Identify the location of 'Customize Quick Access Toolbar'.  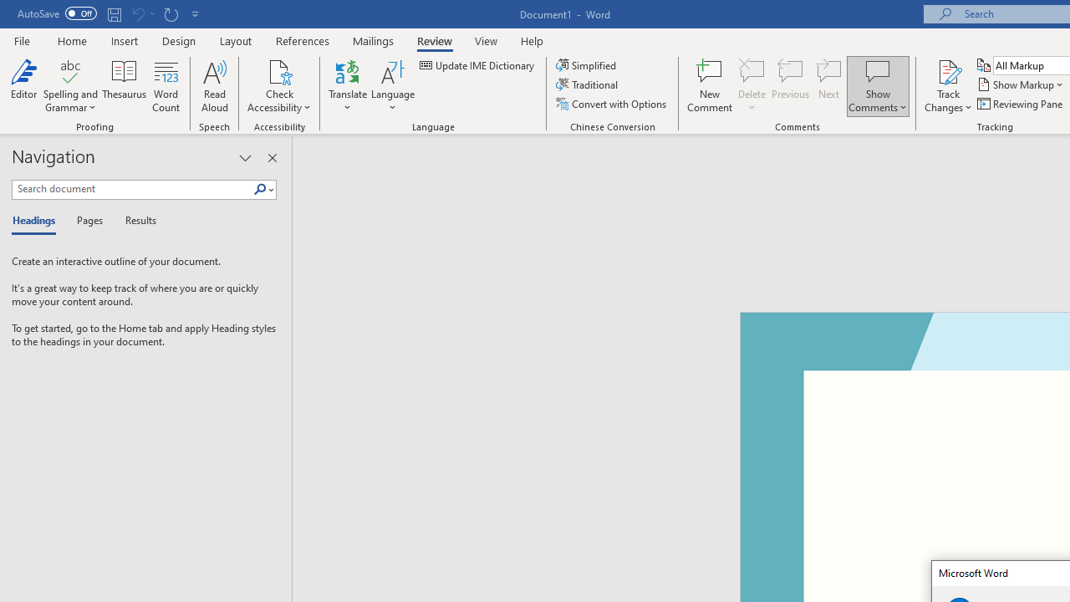
(196, 13).